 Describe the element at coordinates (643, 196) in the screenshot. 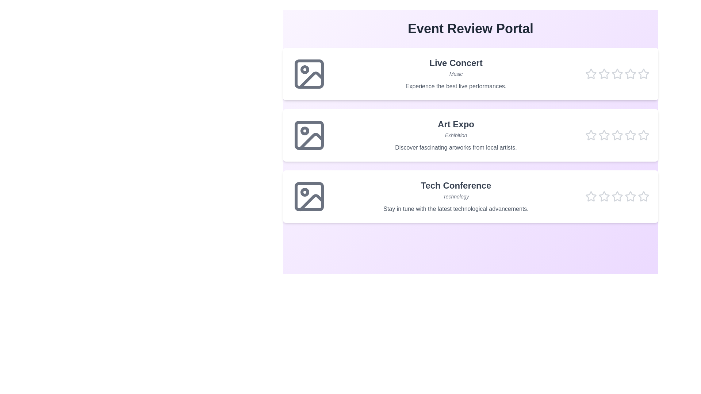

I see `the star corresponding to the rating 5 for the event Tech Conference` at that location.